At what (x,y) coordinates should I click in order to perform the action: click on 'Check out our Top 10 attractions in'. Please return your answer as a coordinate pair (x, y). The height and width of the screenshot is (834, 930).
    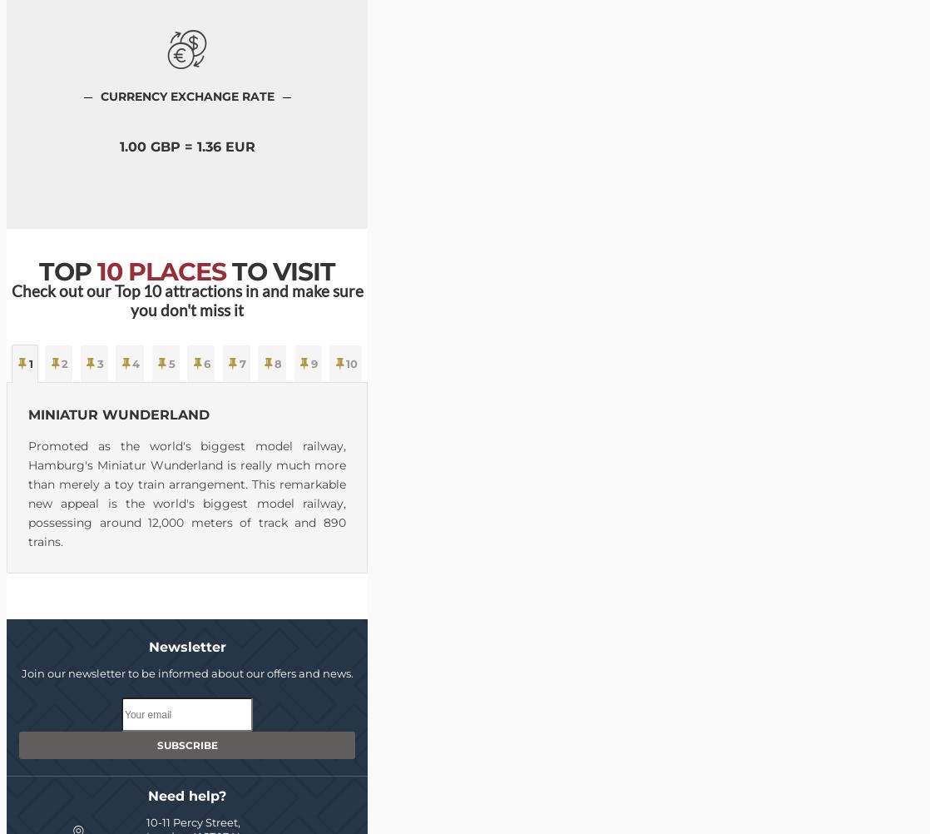
    Looking at the image, I should click on (136, 290).